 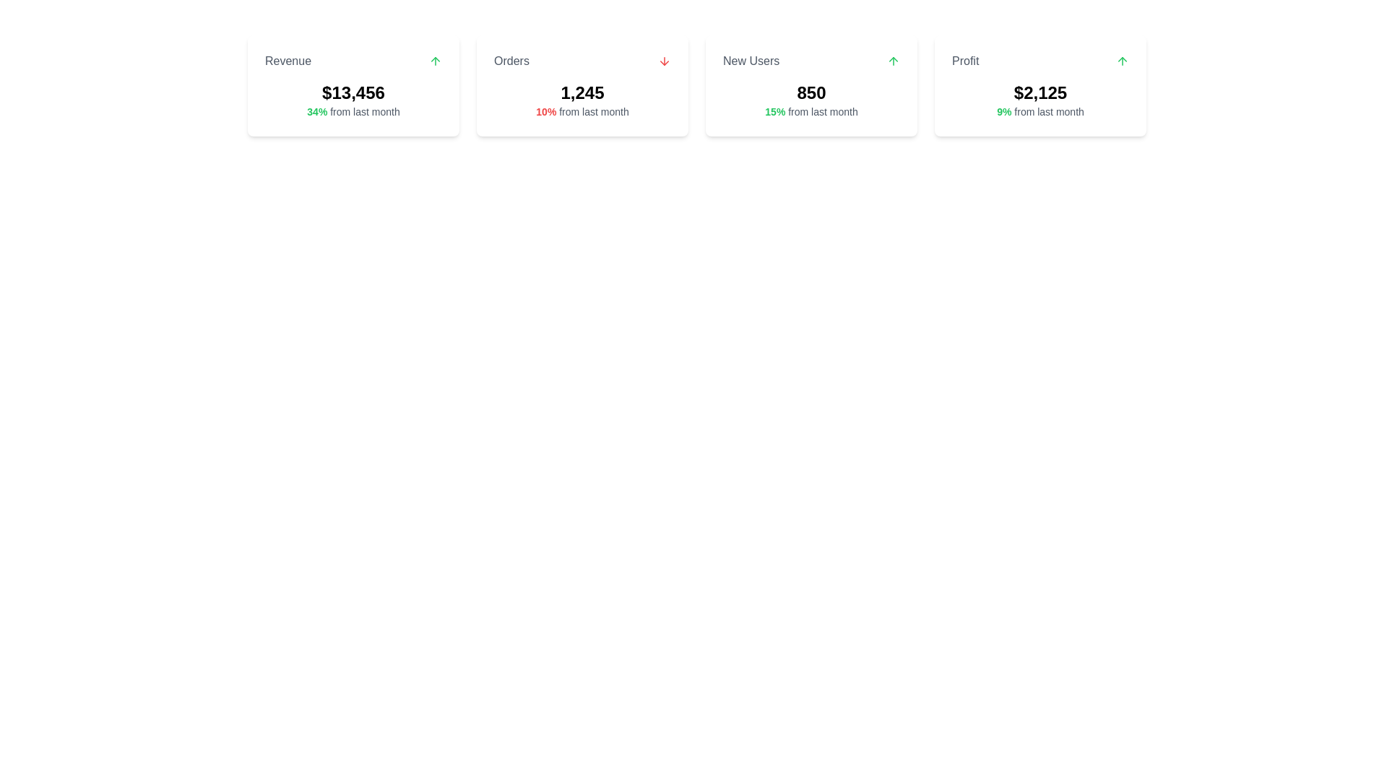 I want to click on the text label displaying '9% from last month' which is styled in green and bold, located within the 'Profit' card, directly below the '$2,125' text, so click(x=1040, y=110).